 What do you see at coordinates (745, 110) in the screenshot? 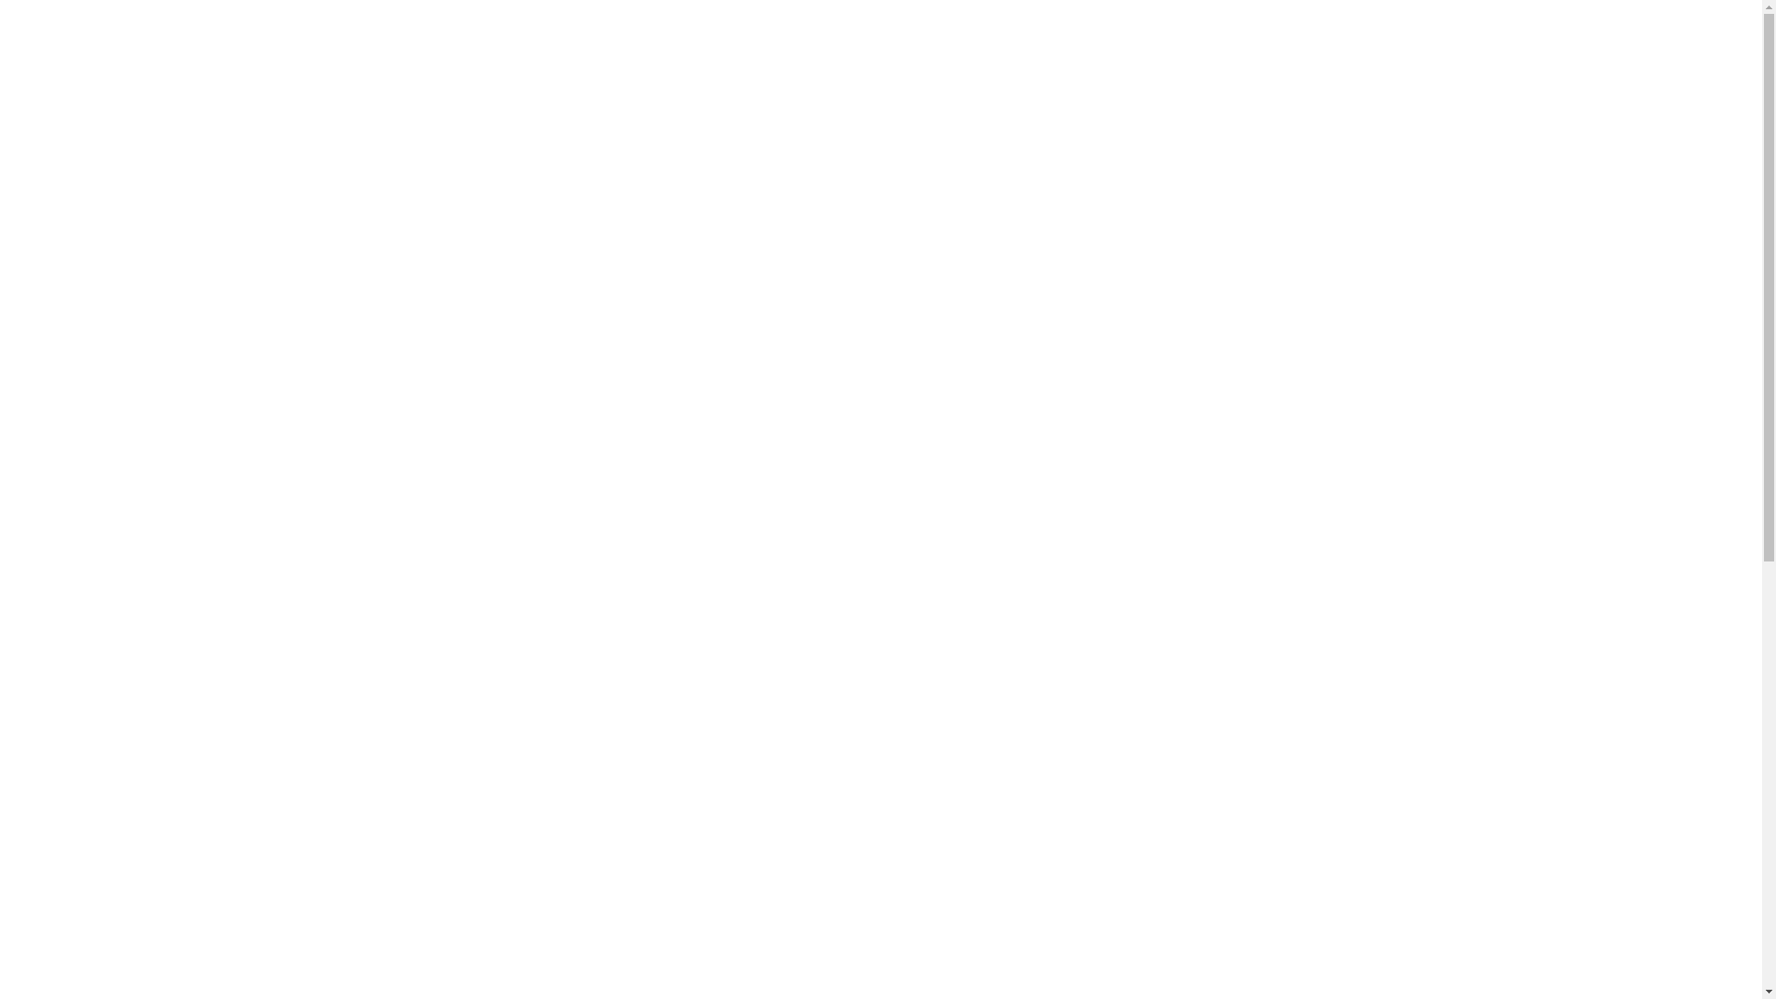
I see `'MENU'` at bounding box center [745, 110].